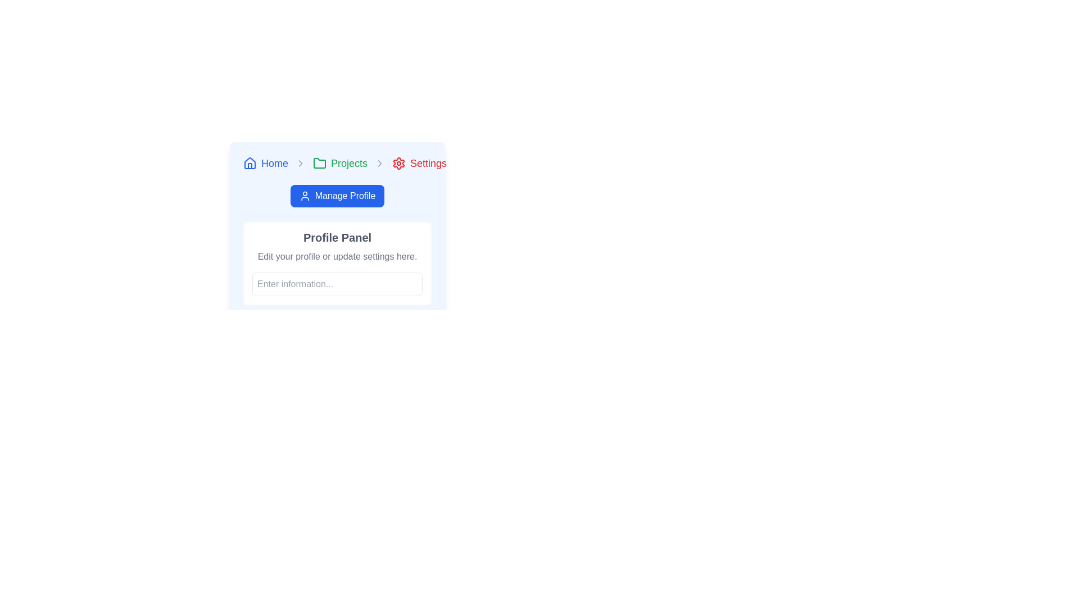 This screenshot has width=1079, height=607. What do you see at coordinates (337, 237) in the screenshot?
I see `the 'Profile Panel' text element, which is a bold, gray title located at the top-center of a white panel with rounded corners` at bounding box center [337, 237].